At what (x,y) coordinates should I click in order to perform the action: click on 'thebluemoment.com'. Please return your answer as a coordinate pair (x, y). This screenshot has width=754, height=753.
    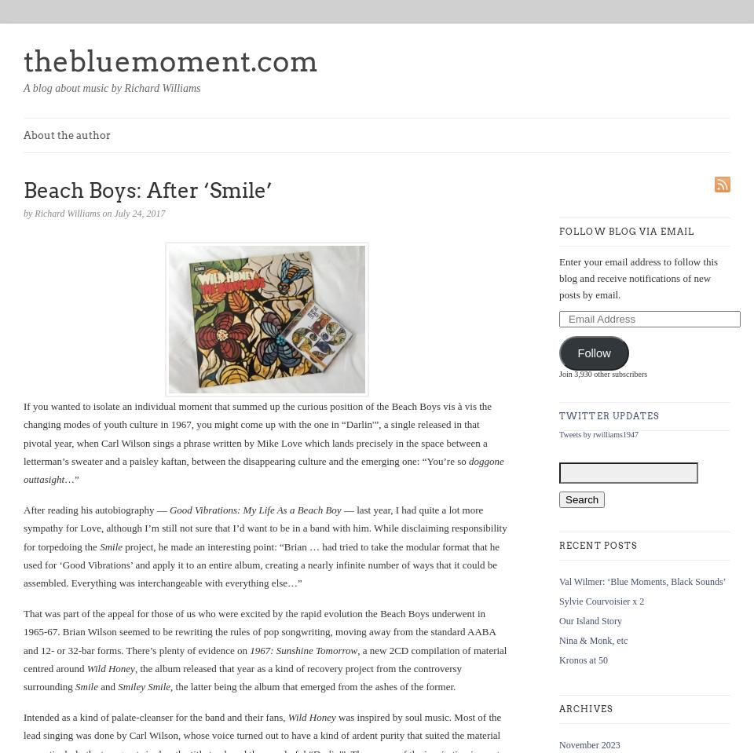
    Looking at the image, I should click on (170, 60).